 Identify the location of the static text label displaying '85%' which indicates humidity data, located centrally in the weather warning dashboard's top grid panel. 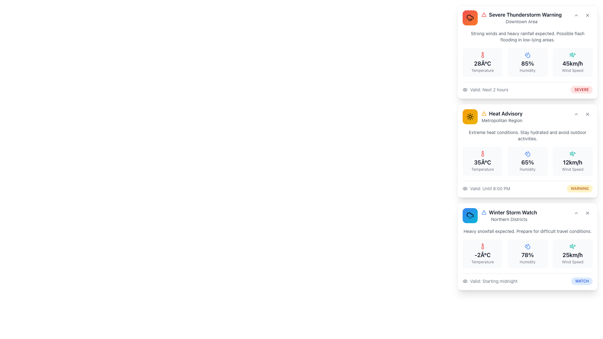
(528, 64).